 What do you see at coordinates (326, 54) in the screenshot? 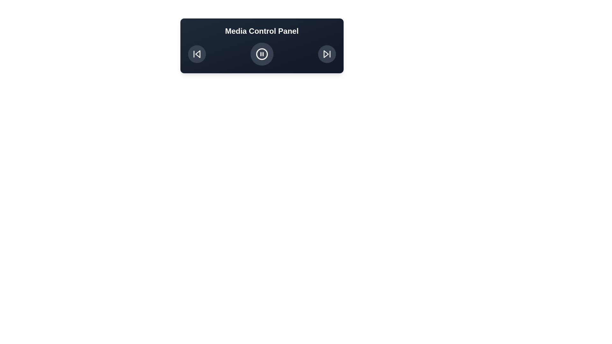
I see `the triangular decorative element within the rightmost button of the media control panel, which has a white outline and a darker background, located next to the 'Pause' button` at bounding box center [326, 54].